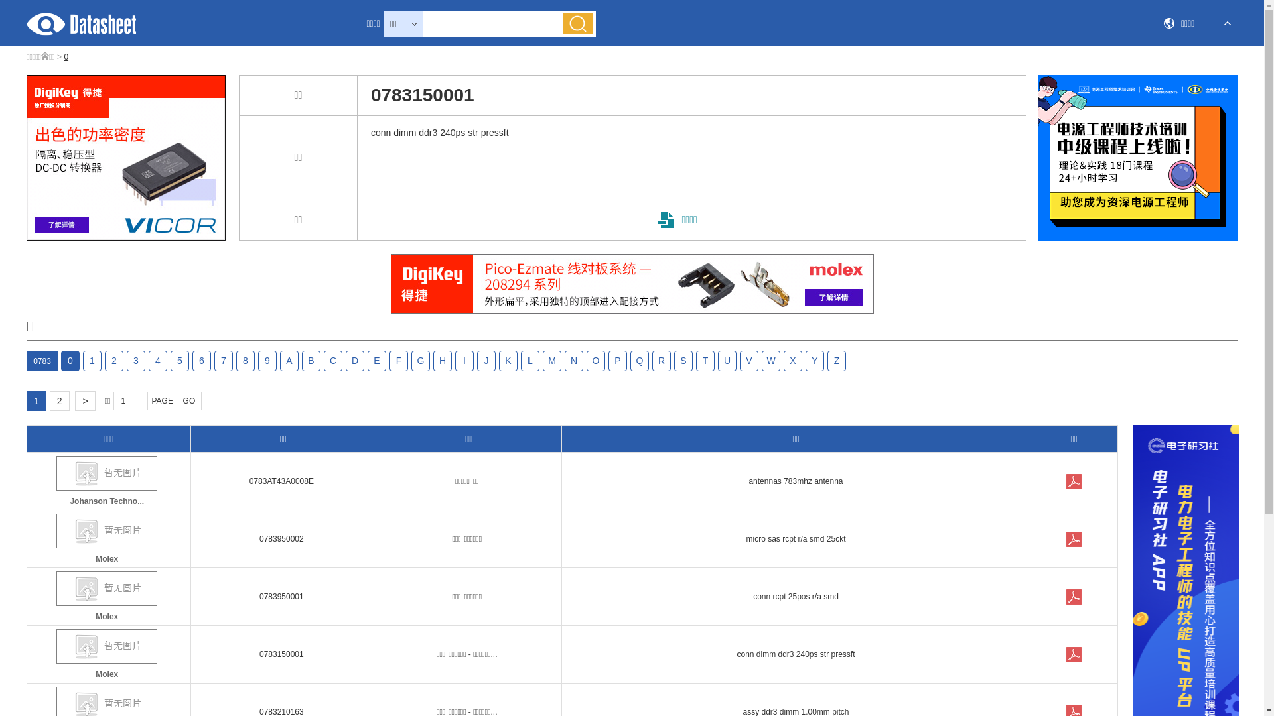  What do you see at coordinates (551, 361) in the screenshot?
I see `'M'` at bounding box center [551, 361].